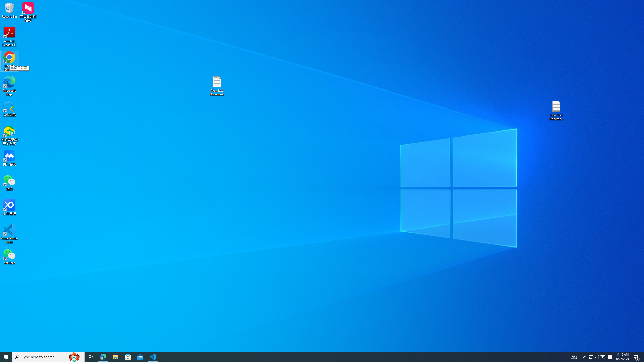 The image size is (644, 362). What do you see at coordinates (74, 356) in the screenshot?
I see `'Search highlights icon opens search home window'` at bounding box center [74, 356].